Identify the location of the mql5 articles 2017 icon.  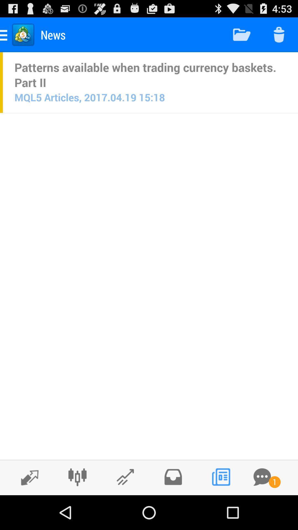
(89, 97).